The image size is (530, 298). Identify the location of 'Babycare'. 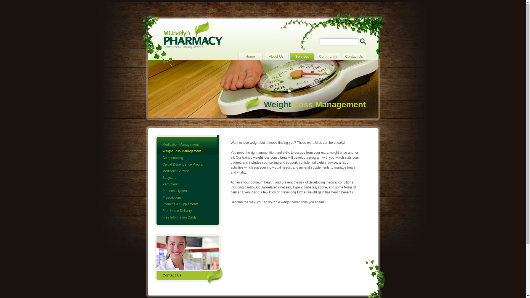
(187, 178).